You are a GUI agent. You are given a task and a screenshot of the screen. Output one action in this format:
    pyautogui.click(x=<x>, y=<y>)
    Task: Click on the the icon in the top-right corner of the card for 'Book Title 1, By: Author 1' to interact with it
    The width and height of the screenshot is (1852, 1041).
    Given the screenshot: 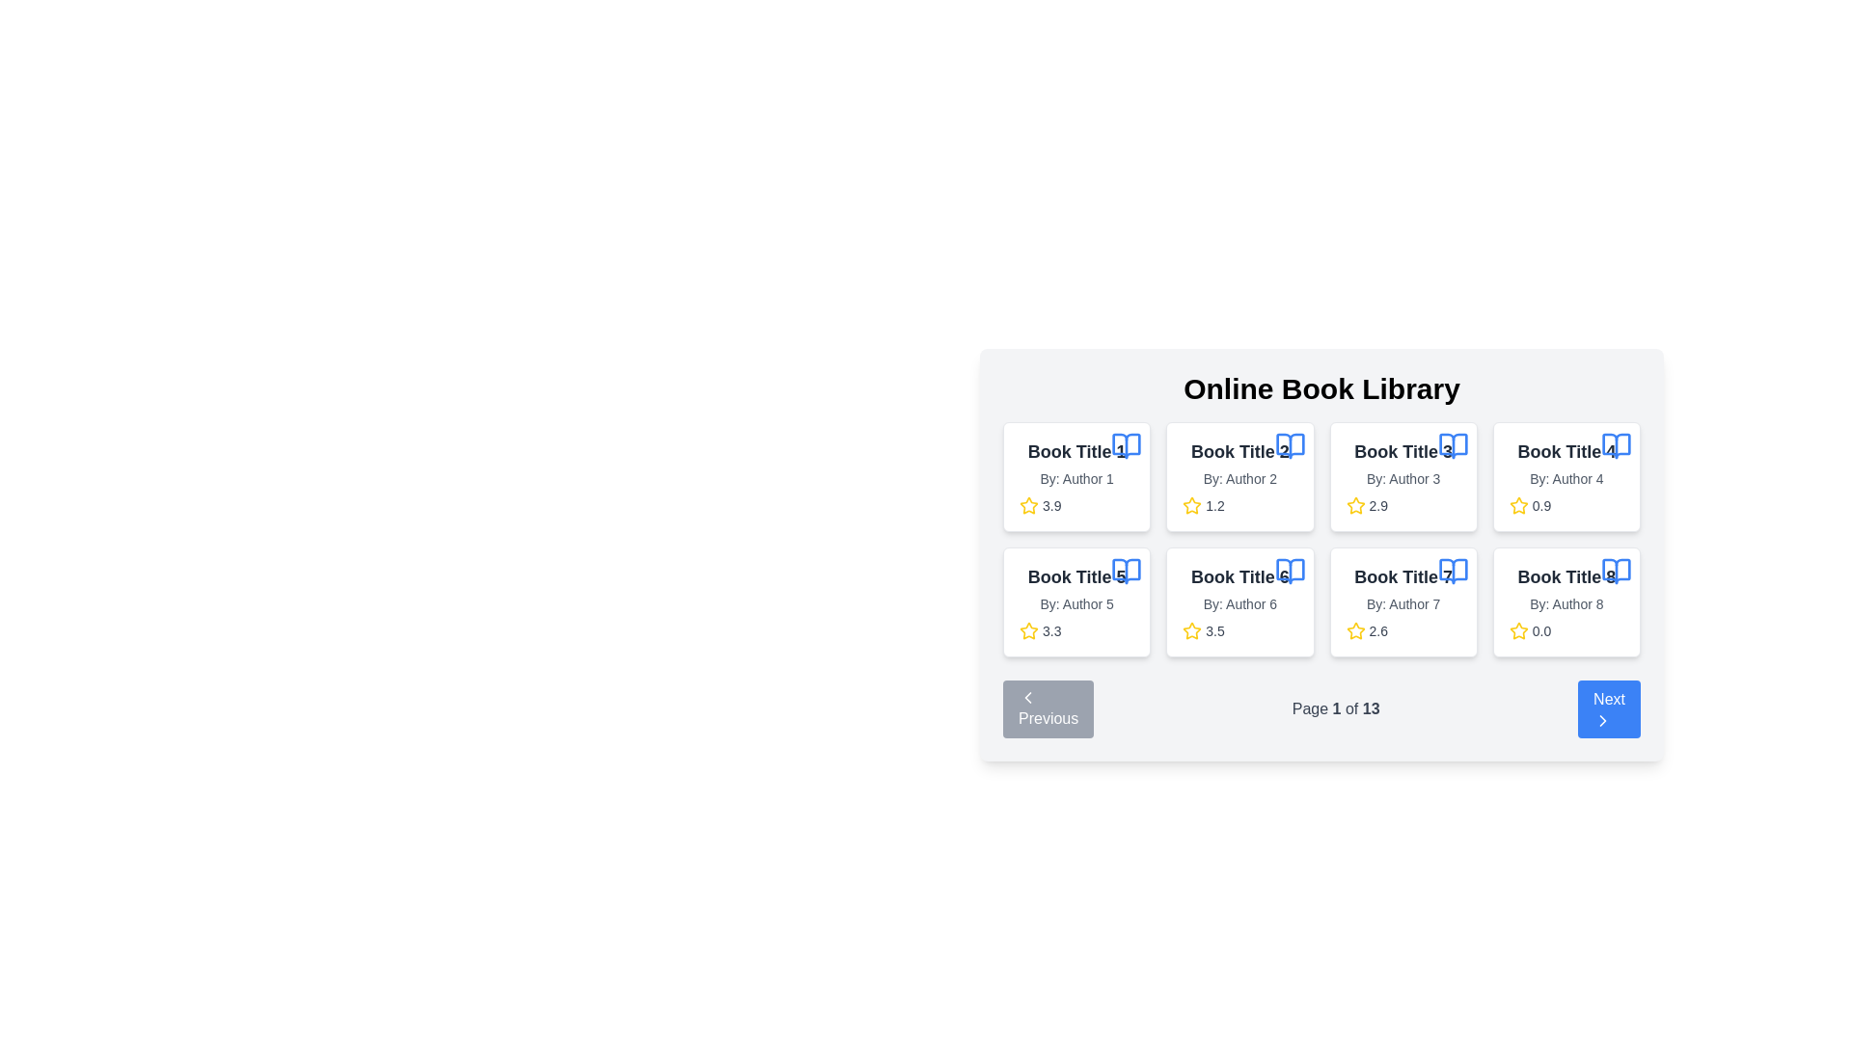 What is the action you would take?
    pyautogui.click(x=1127, y=445)
    